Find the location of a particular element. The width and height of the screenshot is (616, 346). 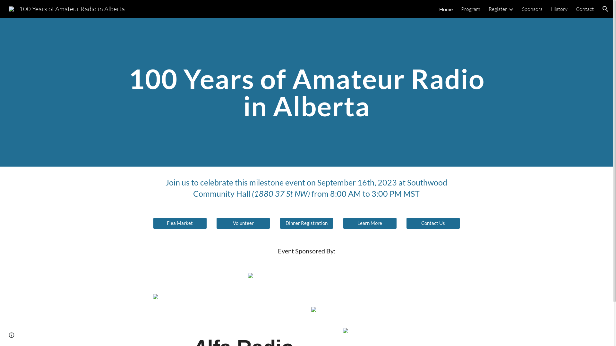

'Expand/Collapse' is located at coordinates (510, 9).